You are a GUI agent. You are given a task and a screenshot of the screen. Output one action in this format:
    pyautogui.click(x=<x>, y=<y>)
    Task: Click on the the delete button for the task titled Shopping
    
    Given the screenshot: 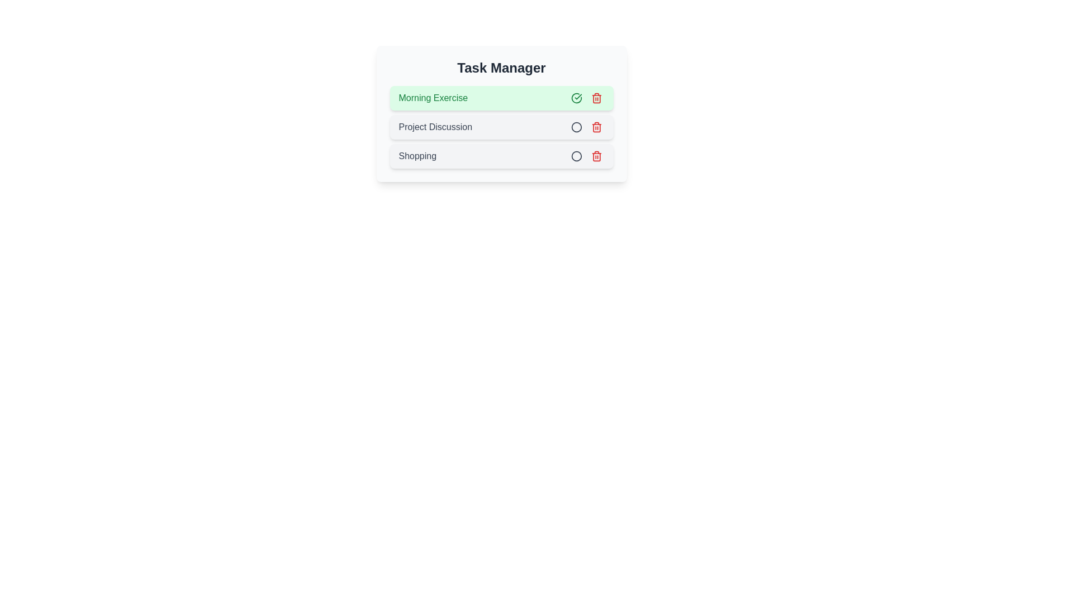 What is the action you would take?
    pyautogui.click(x=596, y=156)
    